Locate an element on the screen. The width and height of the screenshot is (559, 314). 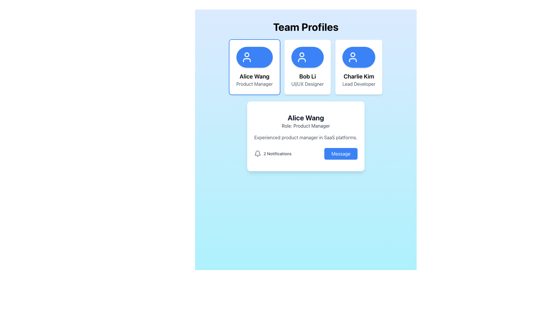
information displayed in the static text label showing '2 Notifications', located in the bottom left section of the white card, just to the right of the bell icon is located at coordinates (277, 153).